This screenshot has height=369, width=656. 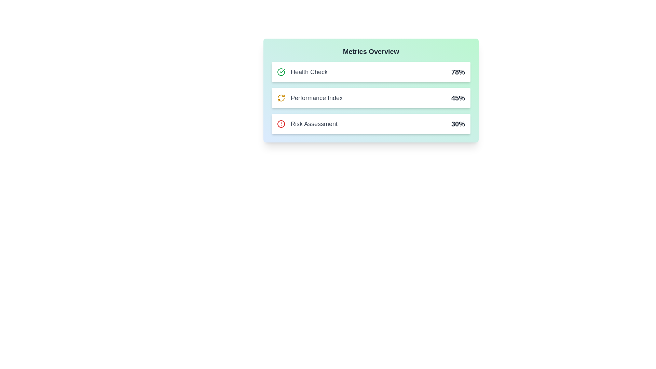 What do you see at coordinates (310, 98) in the screenshot?
I see `the Label with Icon containing the text 'Performance Index' and a yellow refresh-like symbol, located centrally in the second row of the 'Metrics Overview' box` at bounding box center [310, 98].